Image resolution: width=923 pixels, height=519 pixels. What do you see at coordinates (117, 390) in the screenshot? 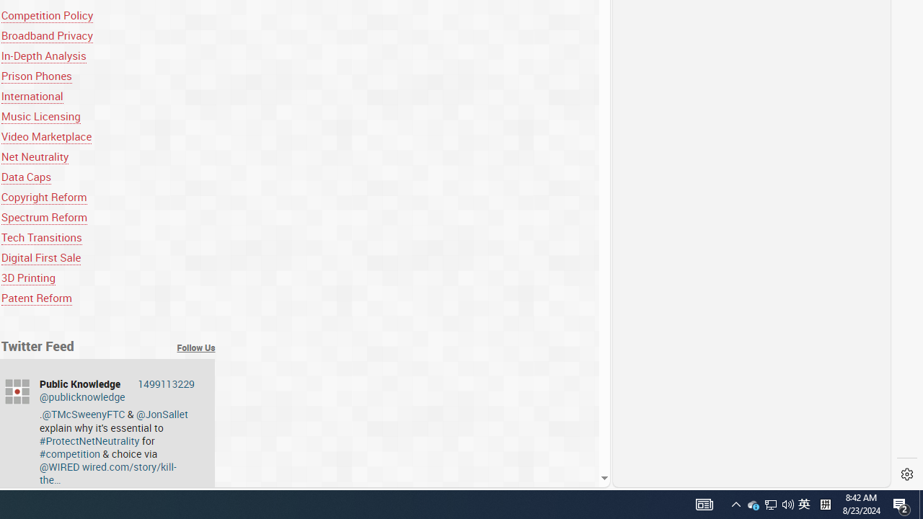
I see `'Public Knowledge @publicknowledge'` at bounding box center [117, 390].